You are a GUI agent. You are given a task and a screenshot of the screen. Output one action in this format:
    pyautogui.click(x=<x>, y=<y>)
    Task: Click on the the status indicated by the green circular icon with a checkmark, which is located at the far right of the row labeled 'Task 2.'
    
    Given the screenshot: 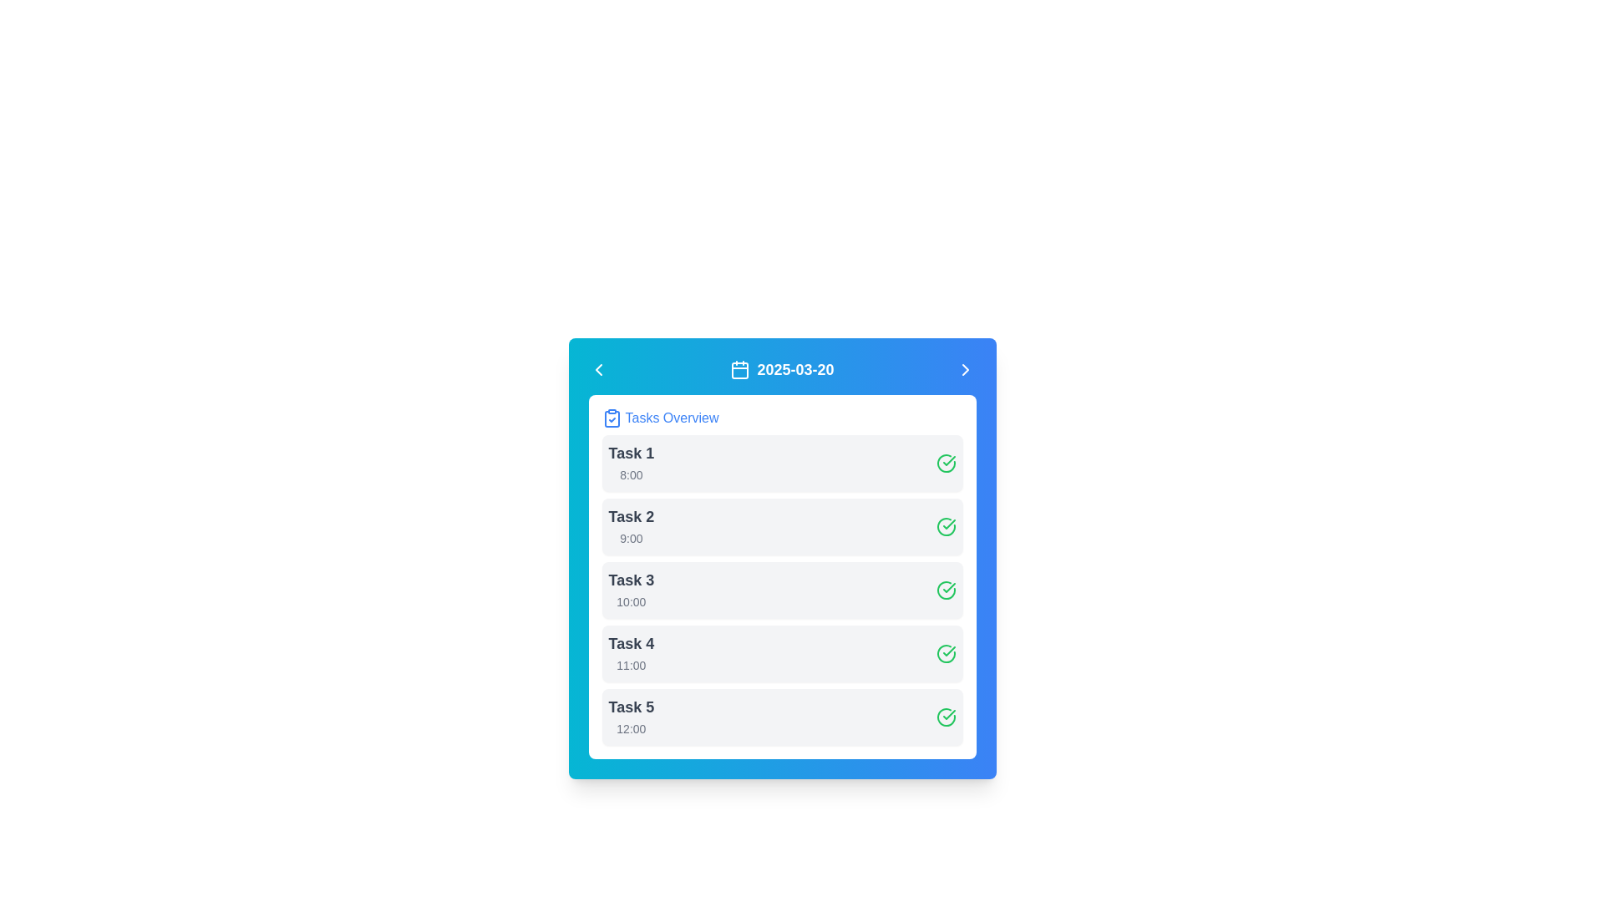 What is the action you would take?
    pyautogui.click(x=946, y=464)
    